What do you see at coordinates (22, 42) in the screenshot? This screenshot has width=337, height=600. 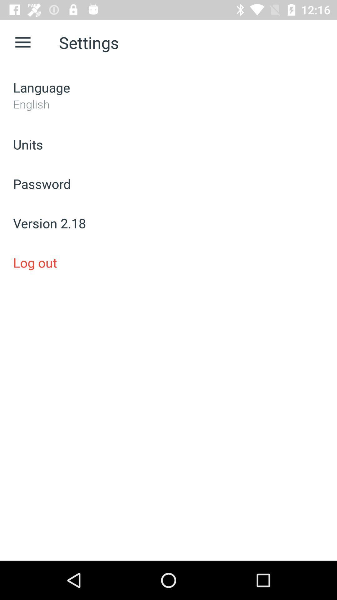 I see `the app to the left of the settings icon` at bounding box center [22, 42].